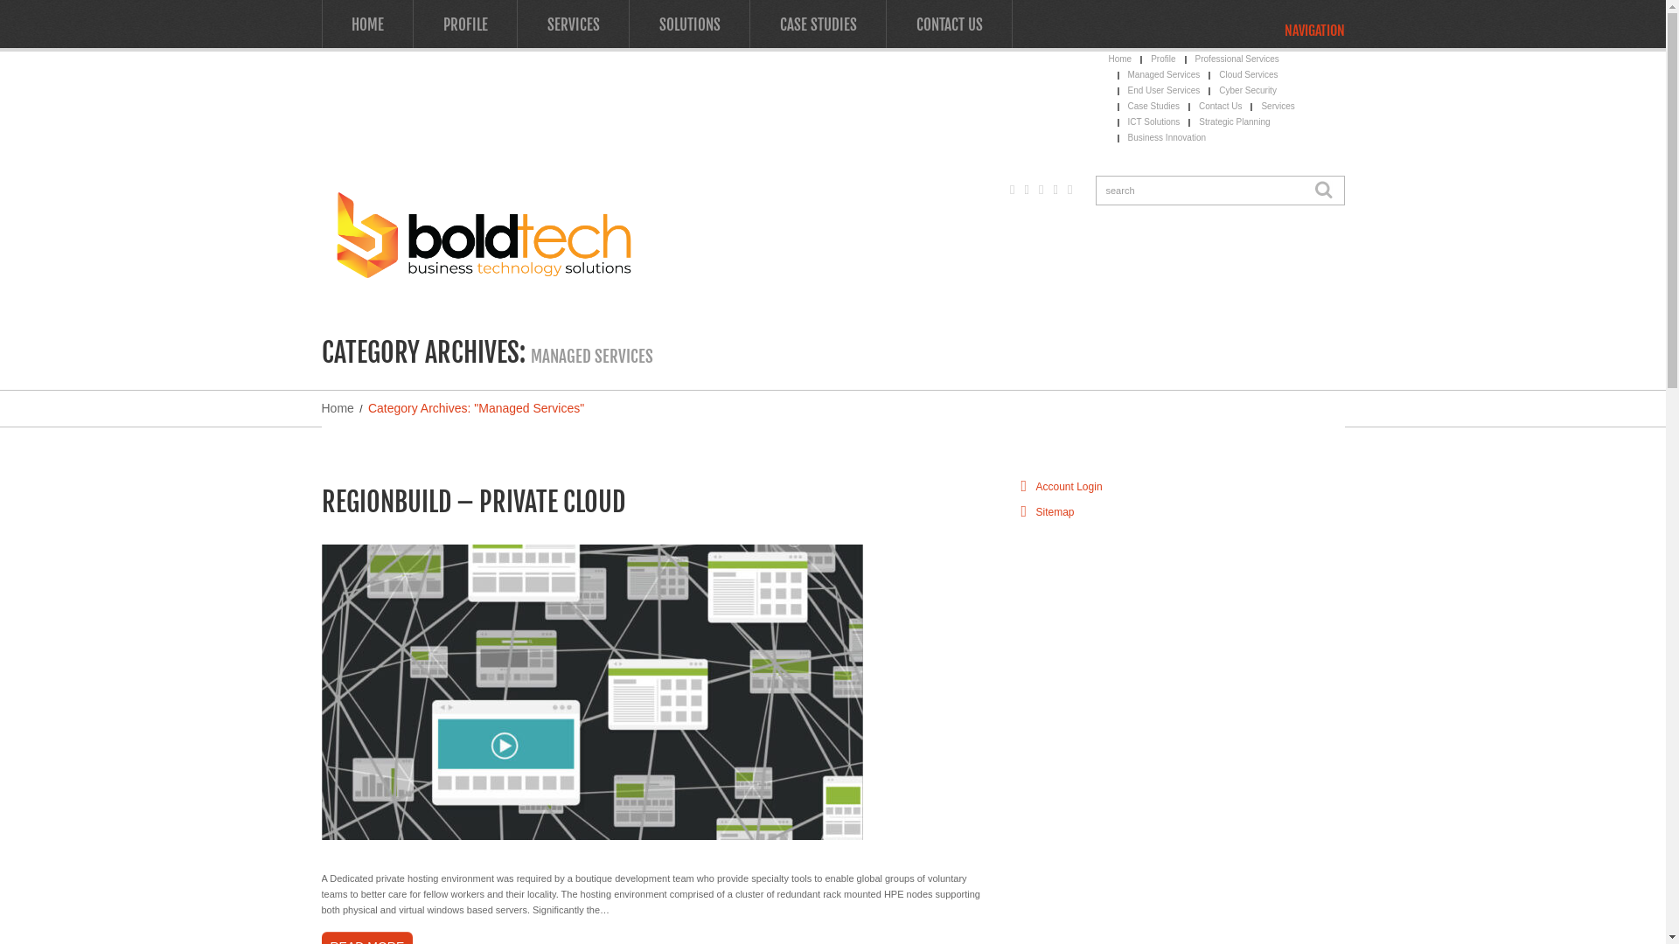 This screenshot has height=944, width=1679. I want to click on 'End User Services', so click(1164, 90).